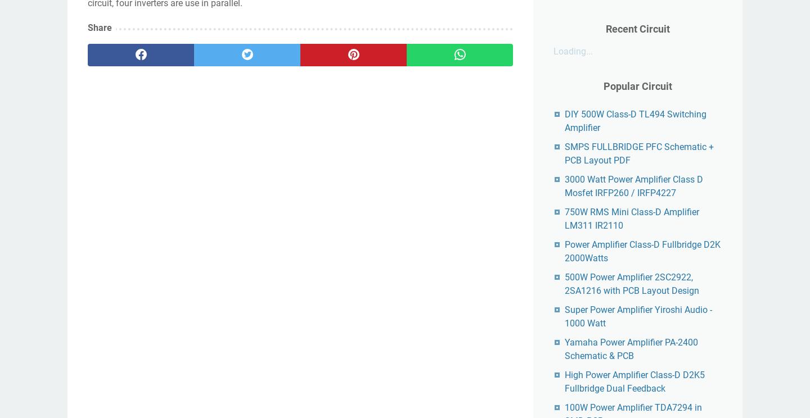  I want to click on 'Popular Circuit', so click(603, 86).